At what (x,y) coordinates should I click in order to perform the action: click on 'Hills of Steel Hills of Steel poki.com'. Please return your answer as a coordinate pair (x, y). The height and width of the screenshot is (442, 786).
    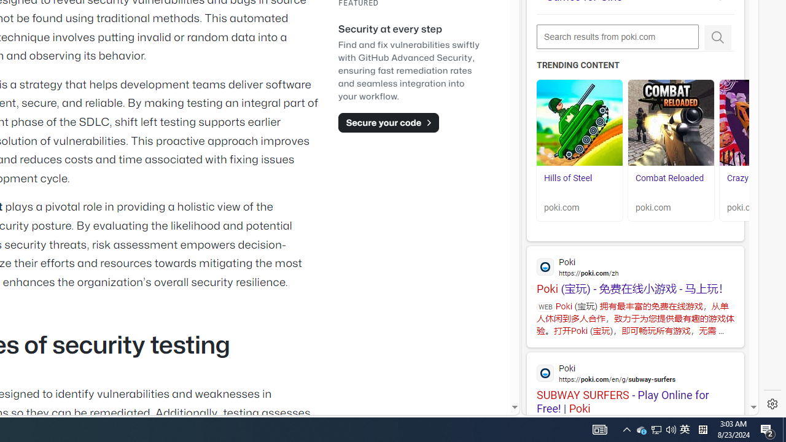
    Looking at the image, I should click on (579, 150).